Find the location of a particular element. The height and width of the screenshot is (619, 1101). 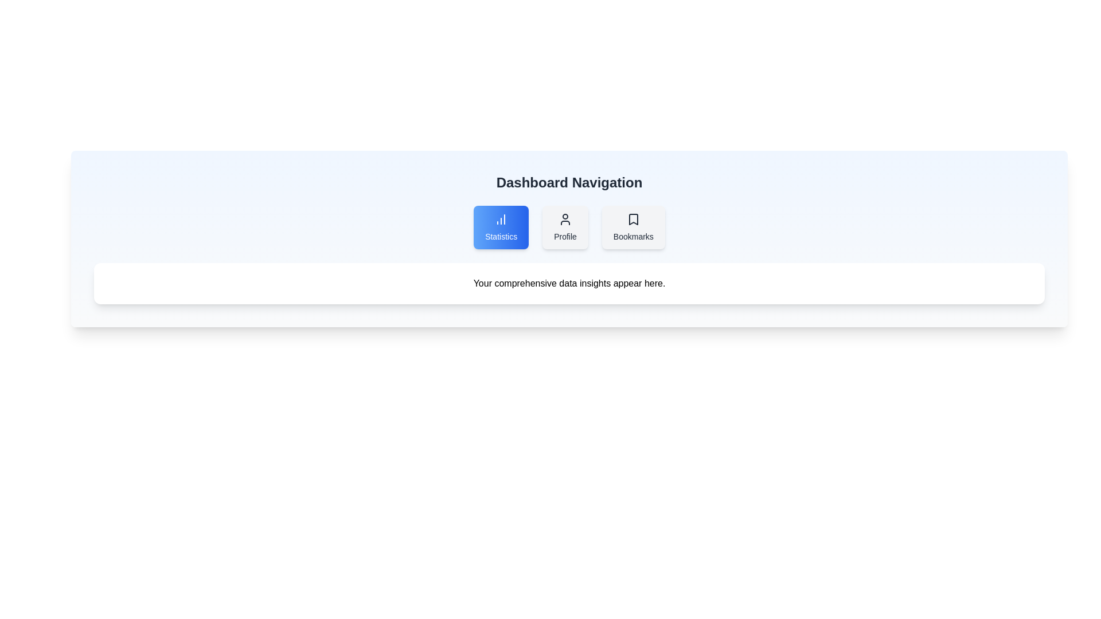

the user profile icon, which is a minimalistic circular head and shoulder outline, located centrally within the 'Profile' button in the navigation bar beneath 'Dashboard Navigation' is located at coordinates (565, 219).